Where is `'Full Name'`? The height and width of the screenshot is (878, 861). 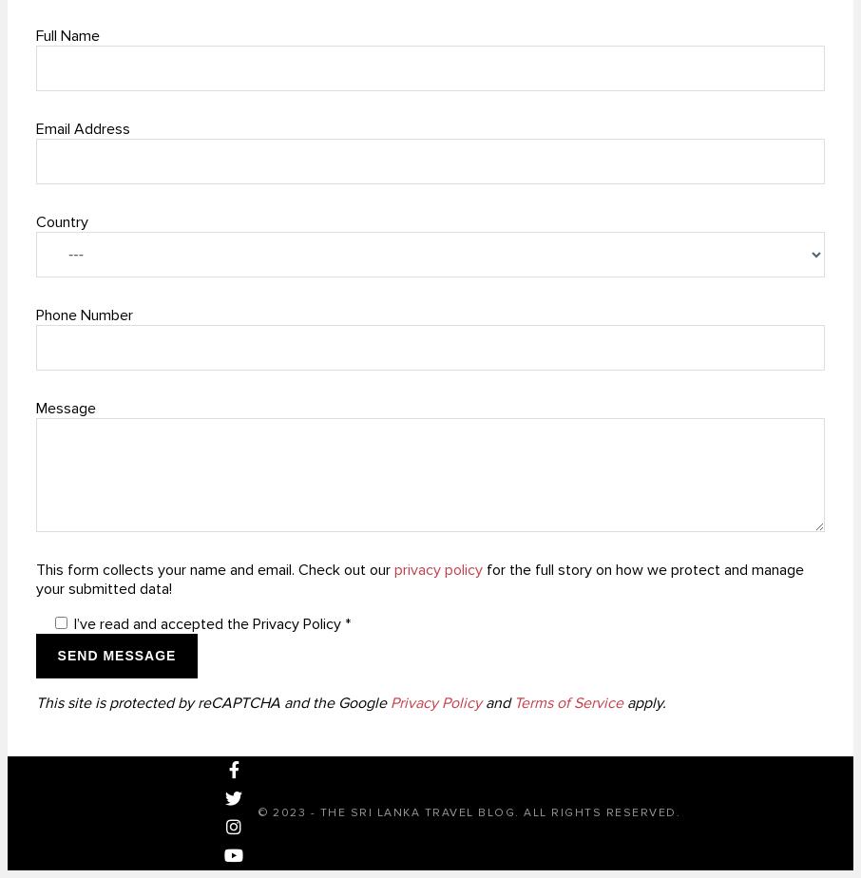
'Full Name' is located at coordinates (34, 34).